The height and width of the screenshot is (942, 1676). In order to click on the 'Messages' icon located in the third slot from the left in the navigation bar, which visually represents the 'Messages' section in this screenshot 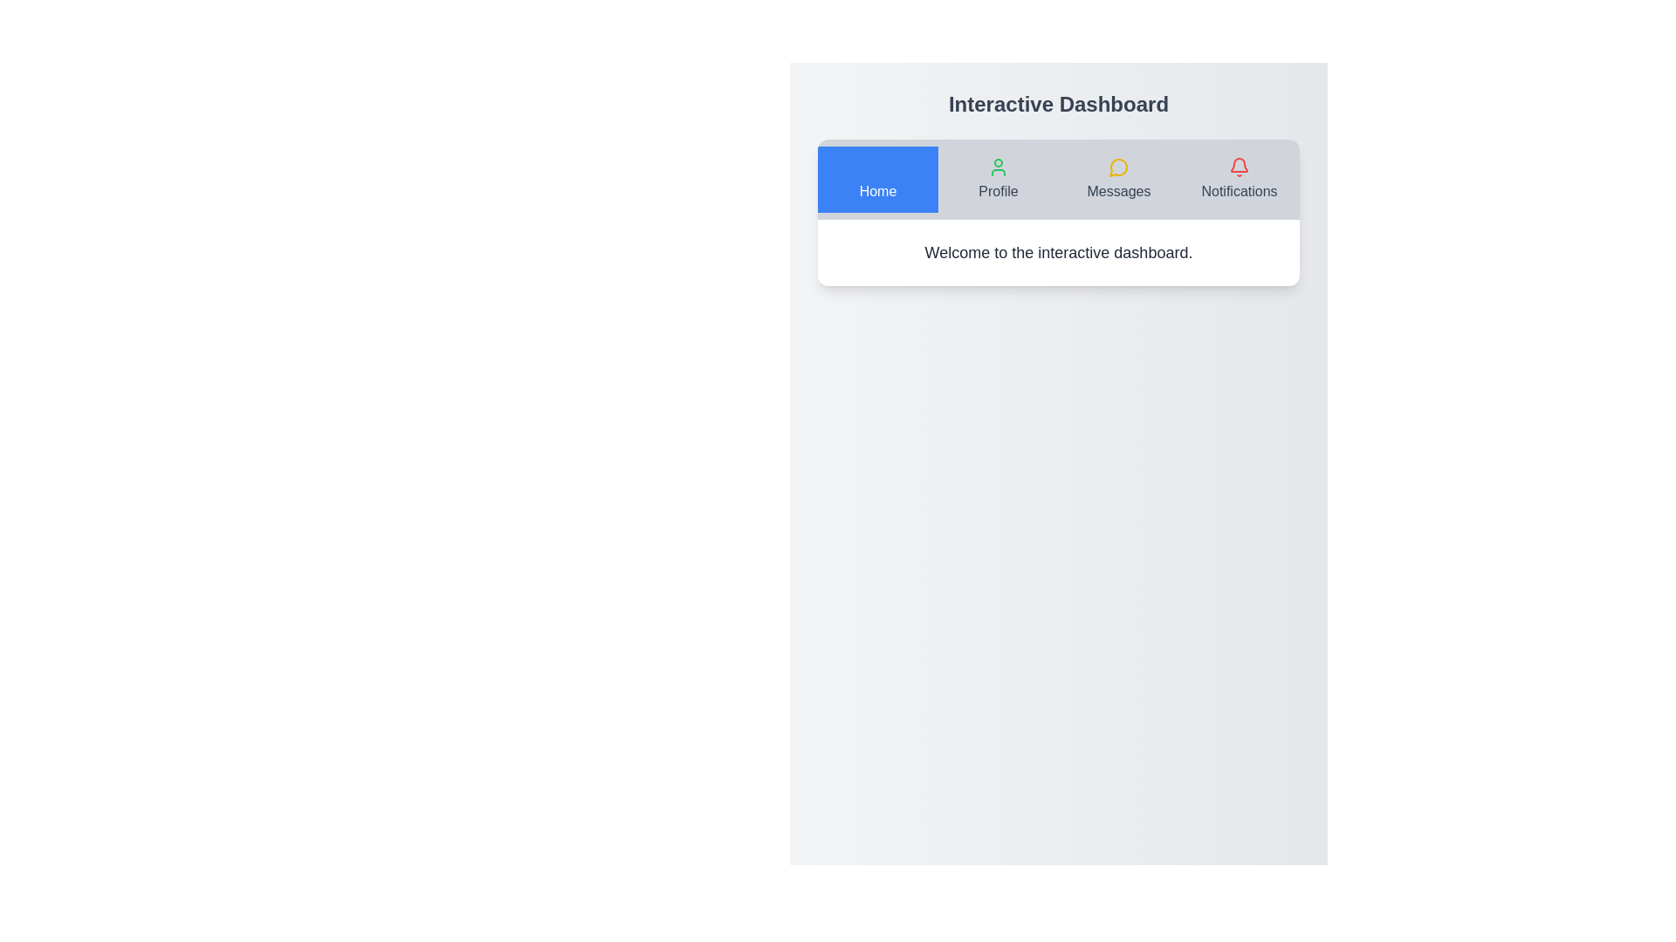, I will do `click(1118, 167)`.